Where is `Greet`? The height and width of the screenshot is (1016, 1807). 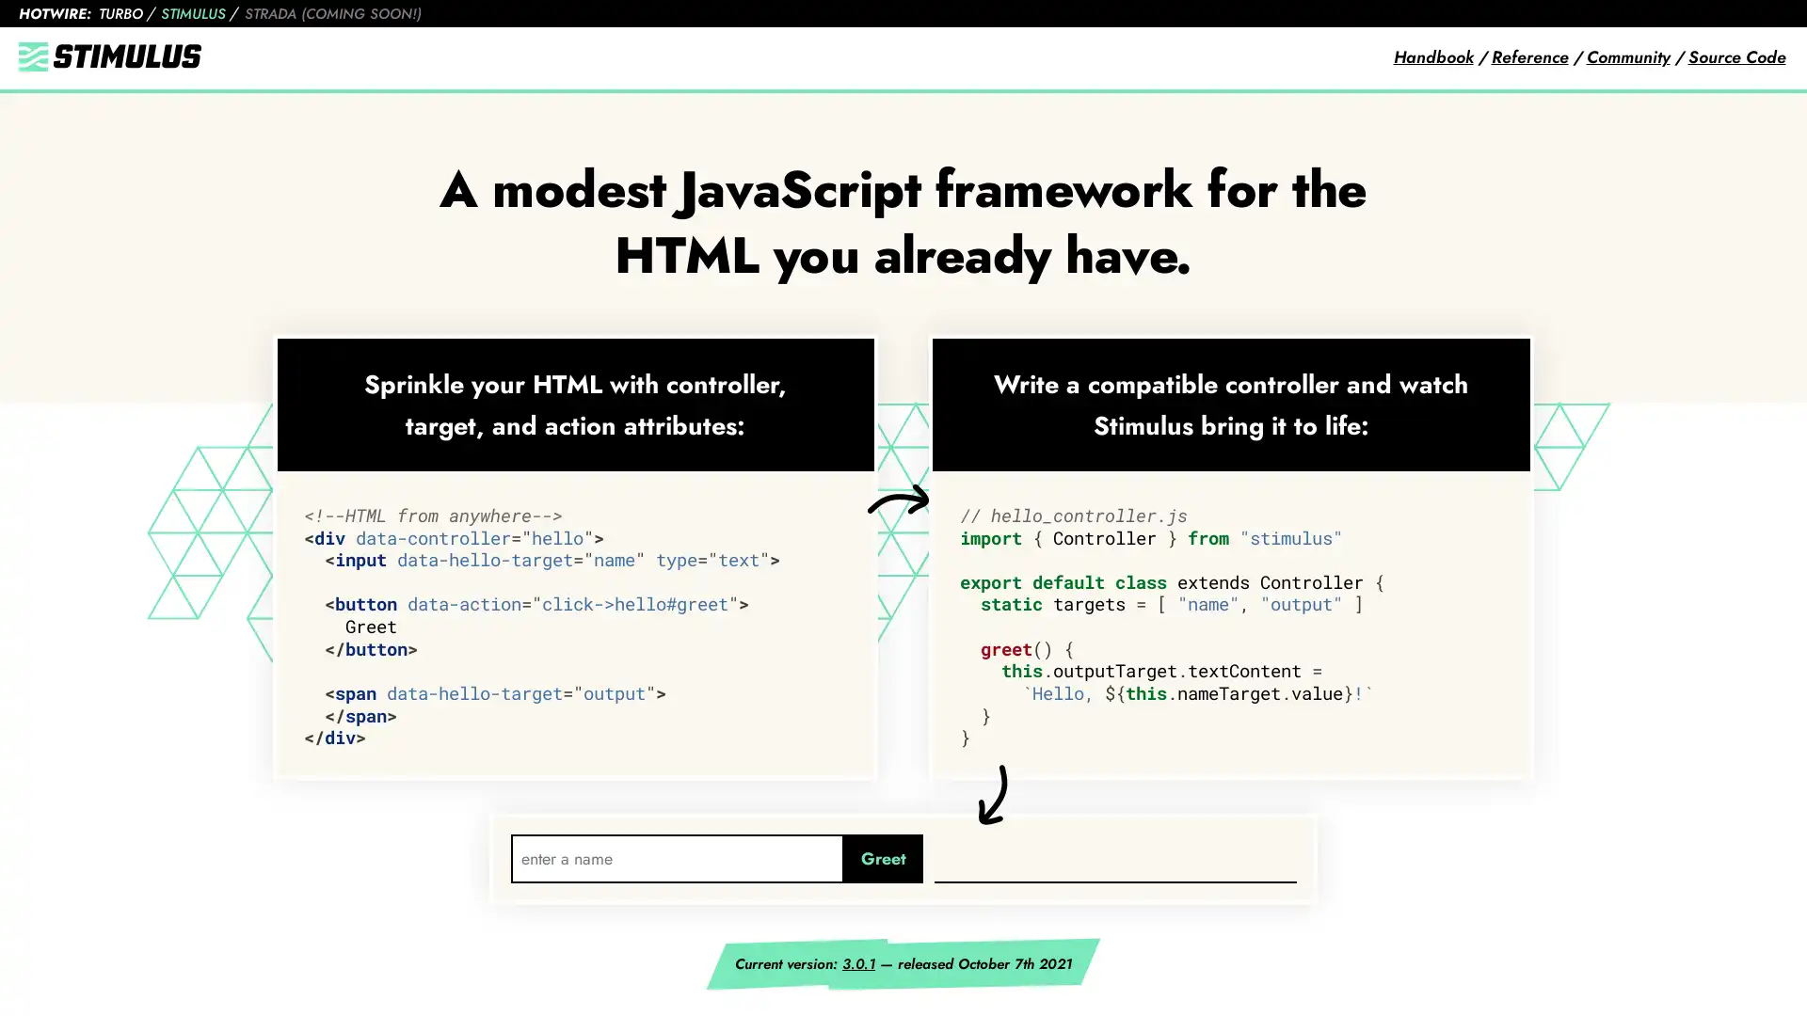 Greet is located at coordinates (883, 858).